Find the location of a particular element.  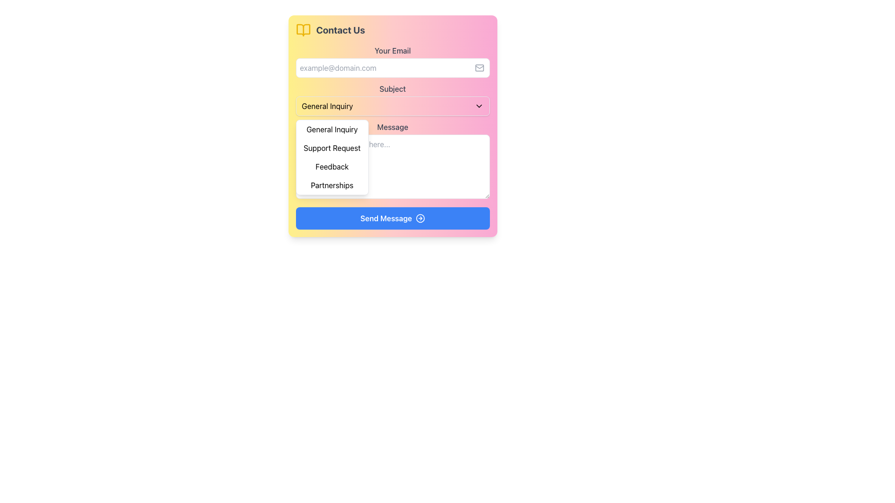

the 'Support Request' option in the dropdown menu located below the 'Subject' field in the contact form is located at coordinates (332, 147).